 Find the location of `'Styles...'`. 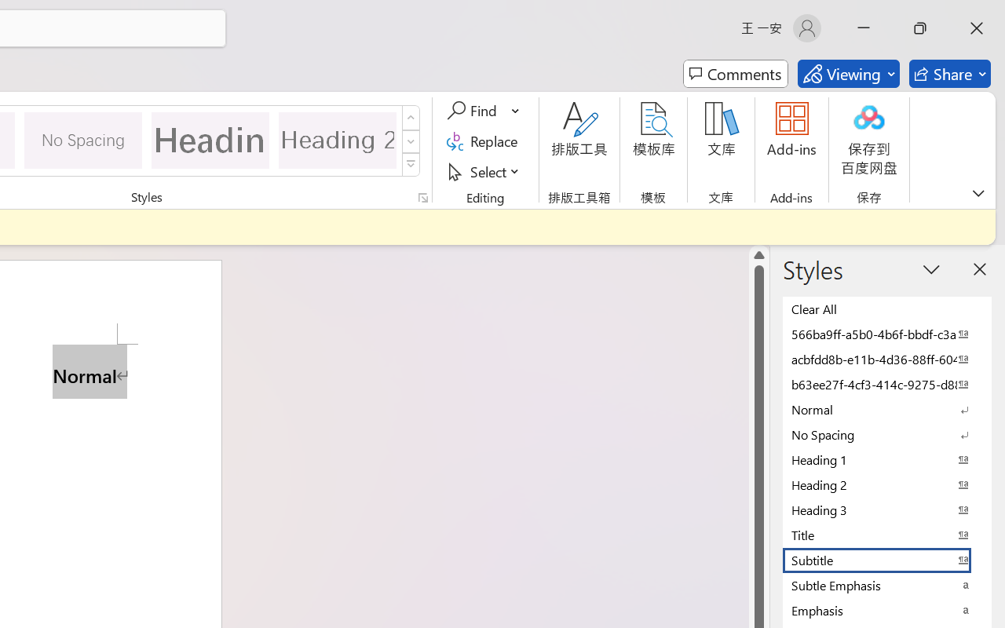

'Styles...' is located at coordinates (422, 197).